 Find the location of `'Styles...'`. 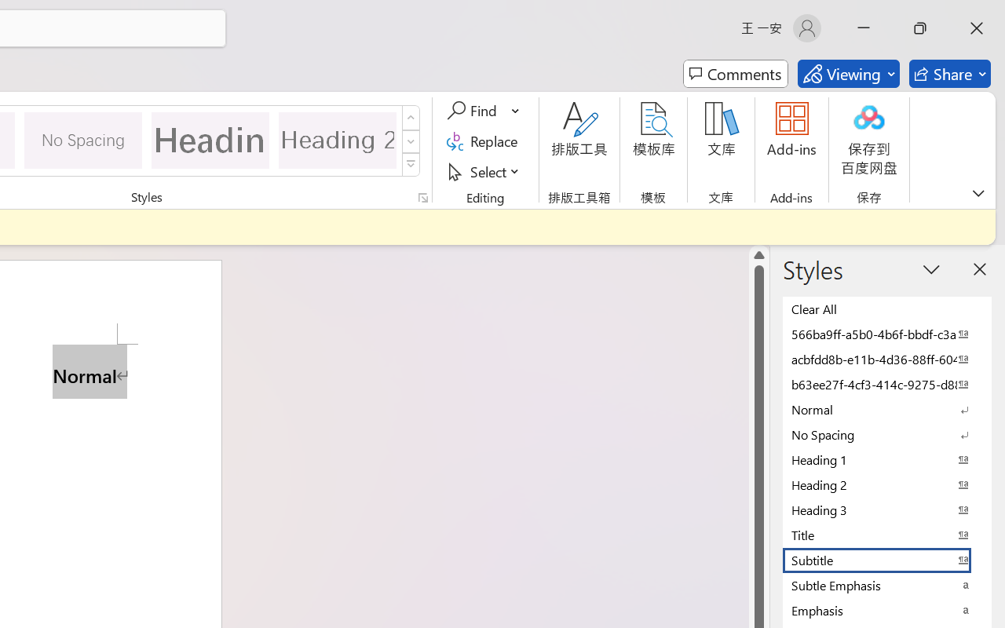

'Styles...' is located at coordinates (422, 197).